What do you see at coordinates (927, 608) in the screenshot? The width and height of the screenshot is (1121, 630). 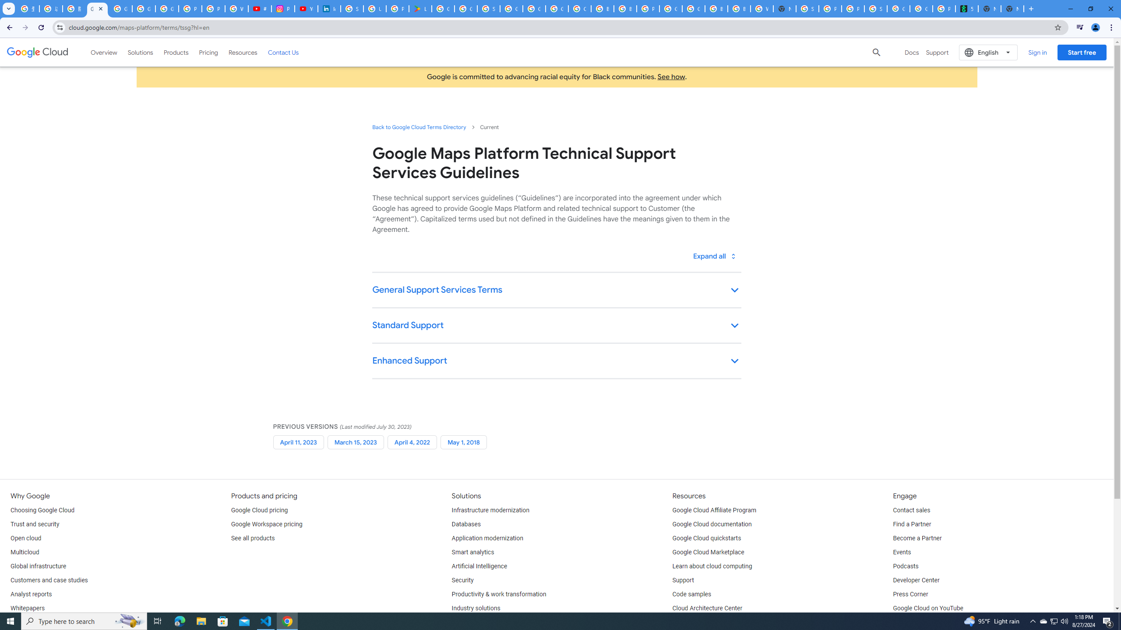 I see `'Google Cloud on YouTube'` at bounding box center [927, 608].